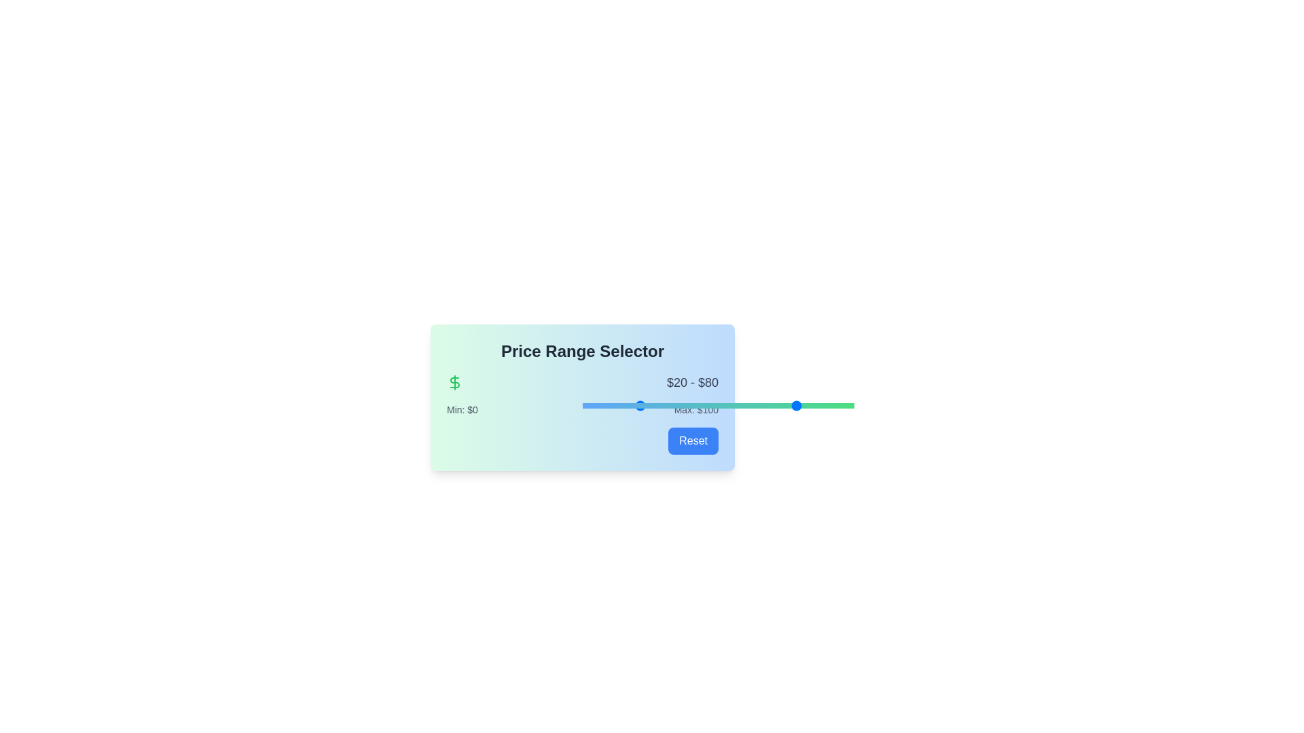 Image resolution: width=1304 pixels, height=733 pixels. What do you see at coordinates (583, 409) in the screenshot?
I see `the label displaying the price range ($0 to $100), which is positioned below the price slider and aligned between the left boundary ($) and the right boundary (Reset button)` at bounding box center [583, 409].